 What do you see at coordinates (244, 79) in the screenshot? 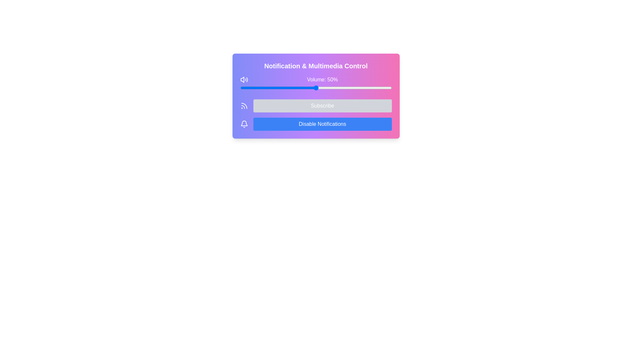
I see `the volume icon located in the top-left corner of the volume section, next to the text 'Volume: 50%'` at bounding box center [244, 79].